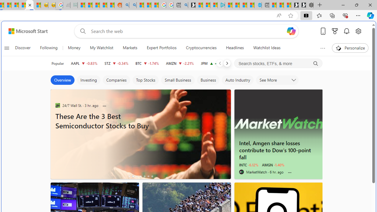 This screenshot has height=212, width=377. I want to click on 'Small Business', so click(177, 80).